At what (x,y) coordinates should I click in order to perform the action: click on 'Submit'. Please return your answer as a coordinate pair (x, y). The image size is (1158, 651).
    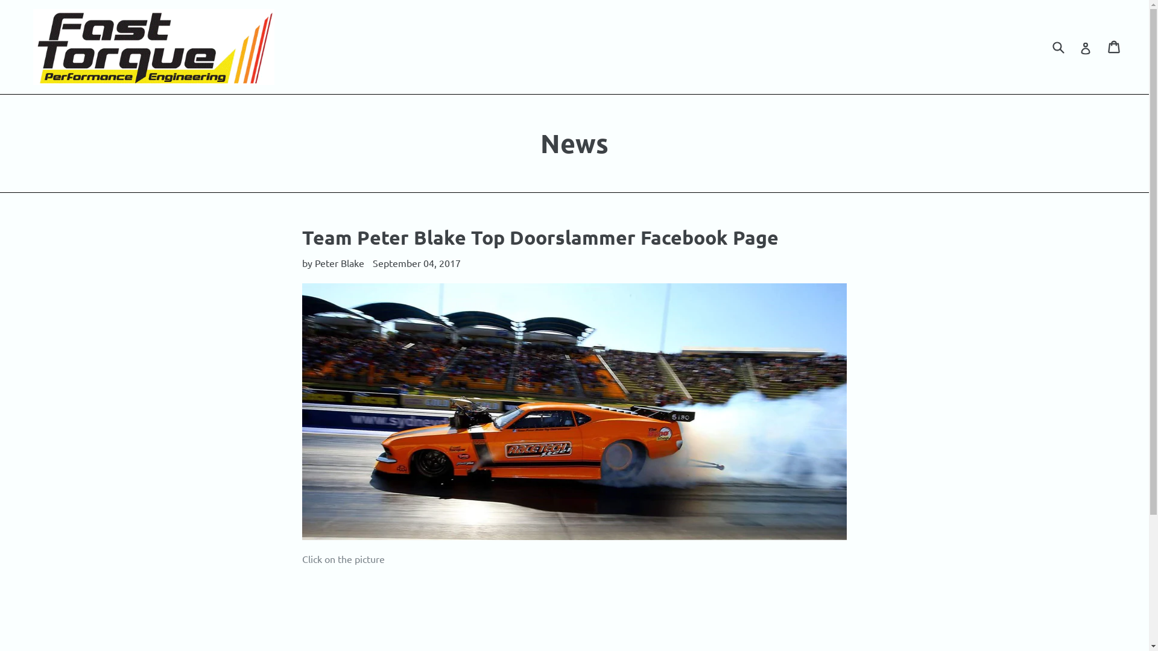
    Looking at the image, I should click on (1057, 46).